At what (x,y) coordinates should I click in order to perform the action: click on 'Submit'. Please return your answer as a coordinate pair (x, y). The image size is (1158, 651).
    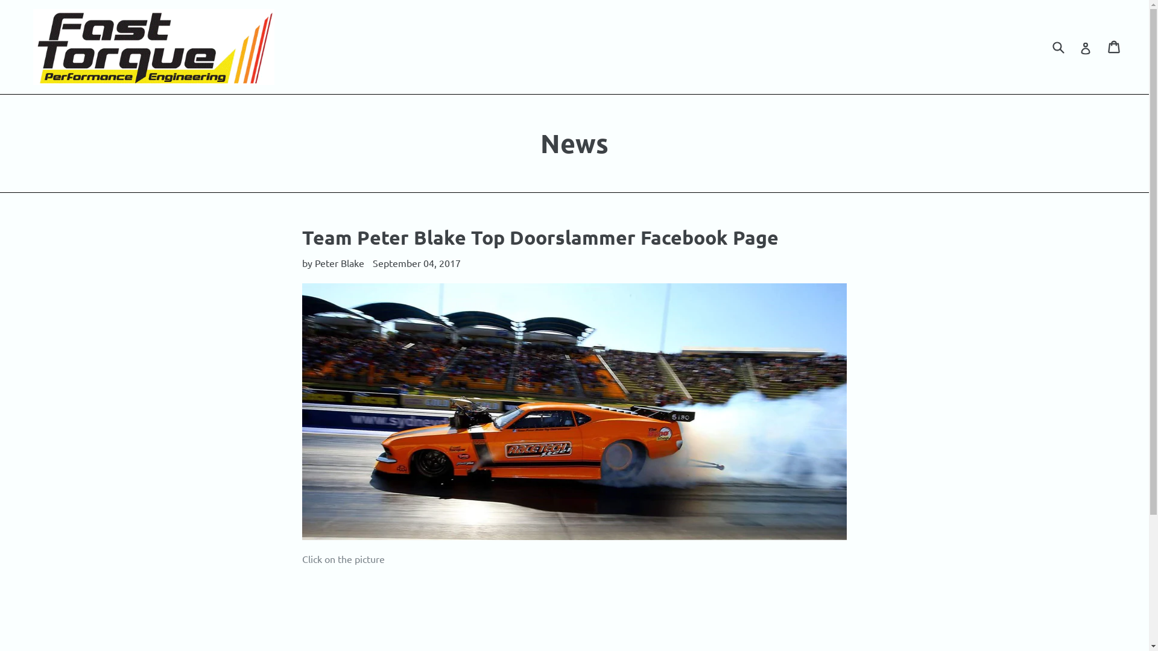
    Looking at the image, I should click on (1057, 46).